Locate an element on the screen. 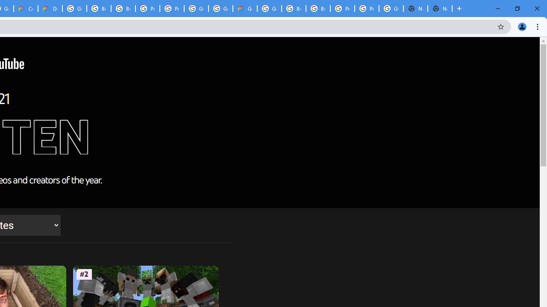  'Google Cloud Platform' is located at coordinates (196, 9).